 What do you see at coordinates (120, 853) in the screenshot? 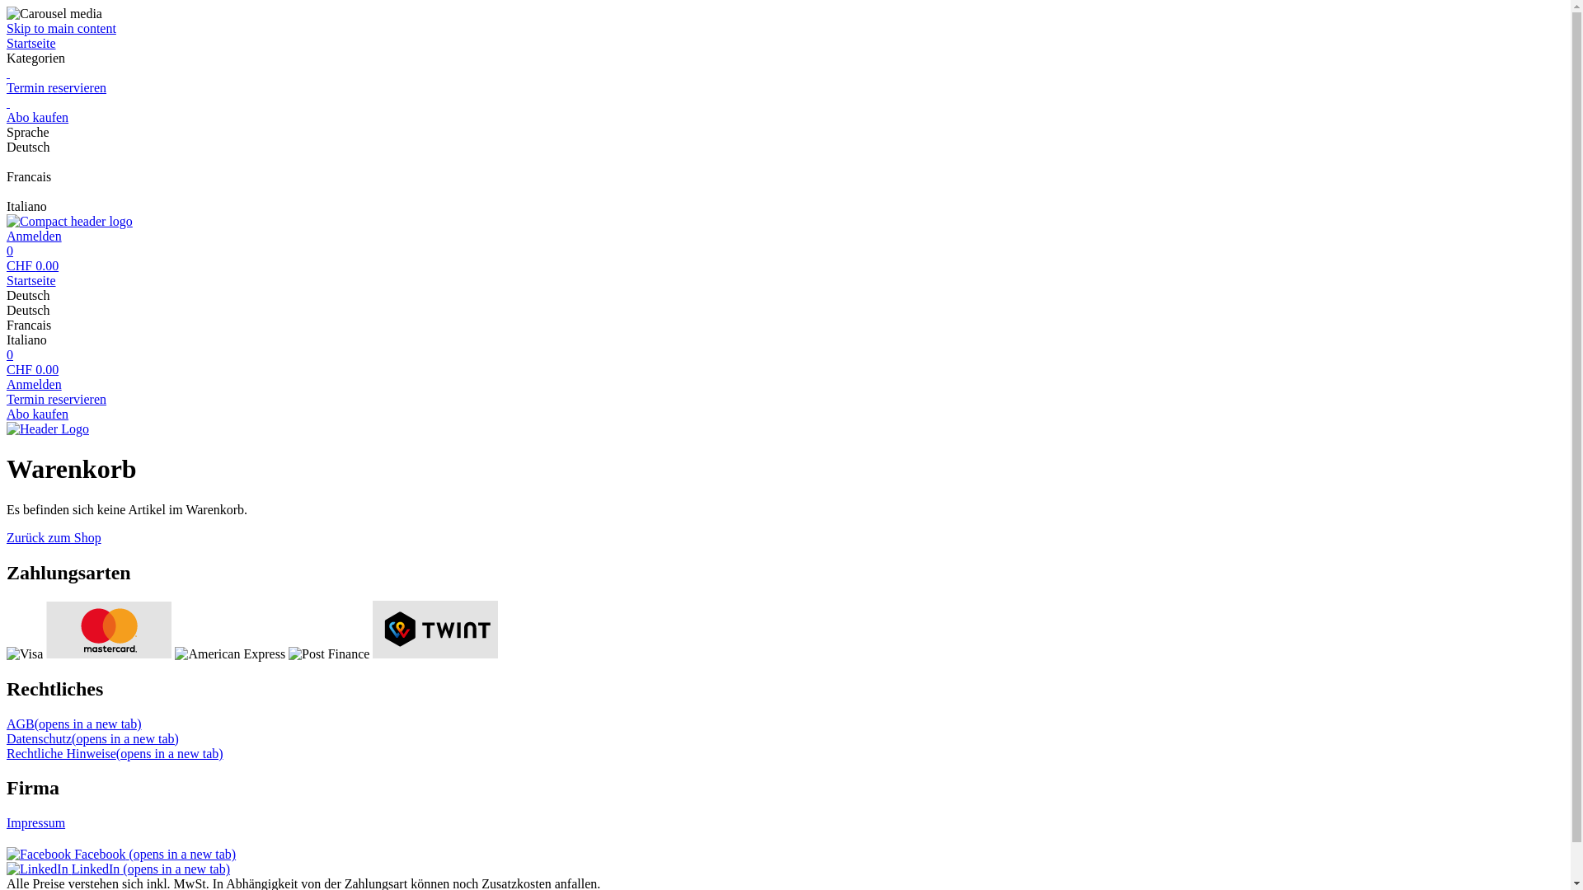
I see `'Facebook (opens in a new tab)'` at bounding box center [120, 853].